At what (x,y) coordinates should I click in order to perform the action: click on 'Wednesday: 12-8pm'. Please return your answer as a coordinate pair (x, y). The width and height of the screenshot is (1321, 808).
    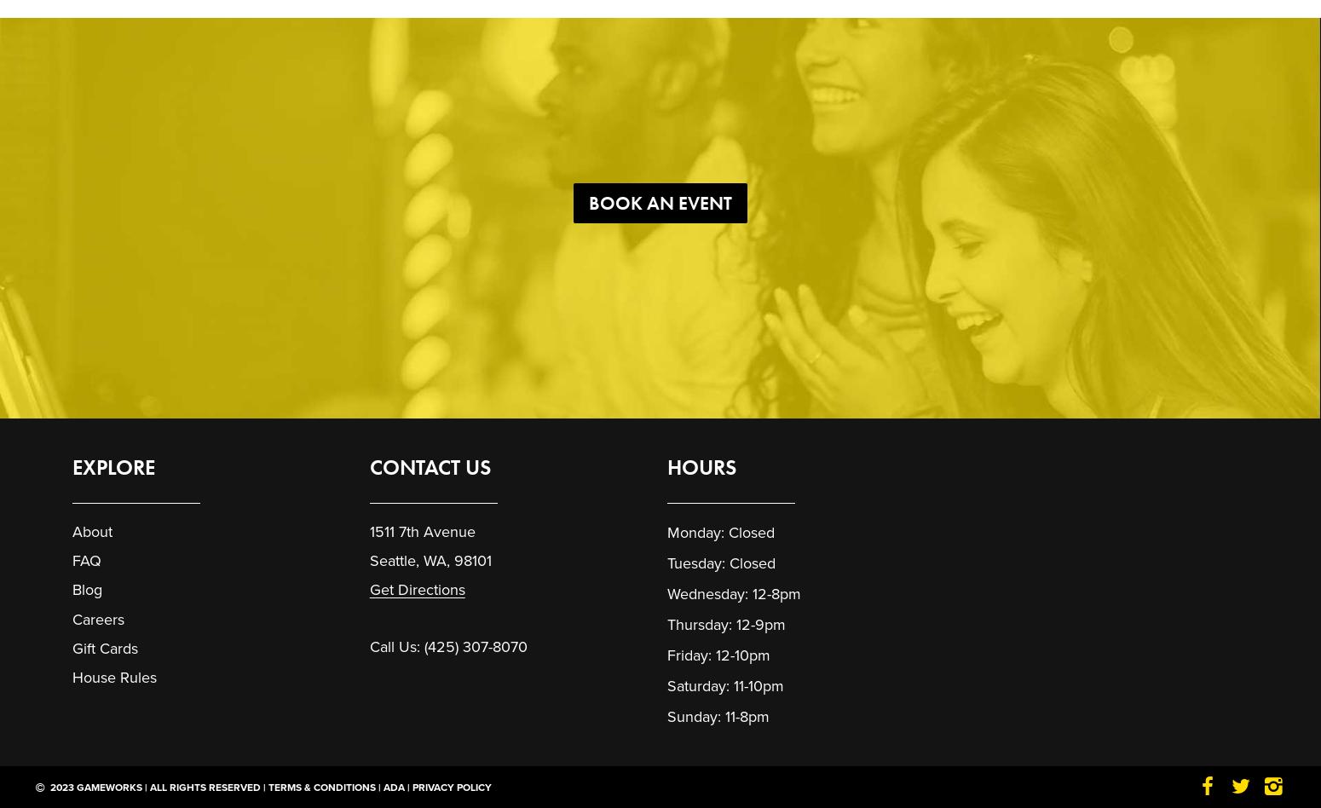
    Looking at the image, I should click on (733, 592).